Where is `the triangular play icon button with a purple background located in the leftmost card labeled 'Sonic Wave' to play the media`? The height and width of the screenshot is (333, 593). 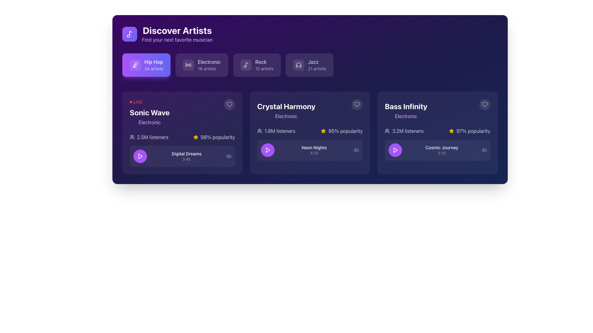 the triangular play icon button with a purple background located in the leftmost card labeled 'Sonic Wave' to play the media is located at coordinates (140, 156).